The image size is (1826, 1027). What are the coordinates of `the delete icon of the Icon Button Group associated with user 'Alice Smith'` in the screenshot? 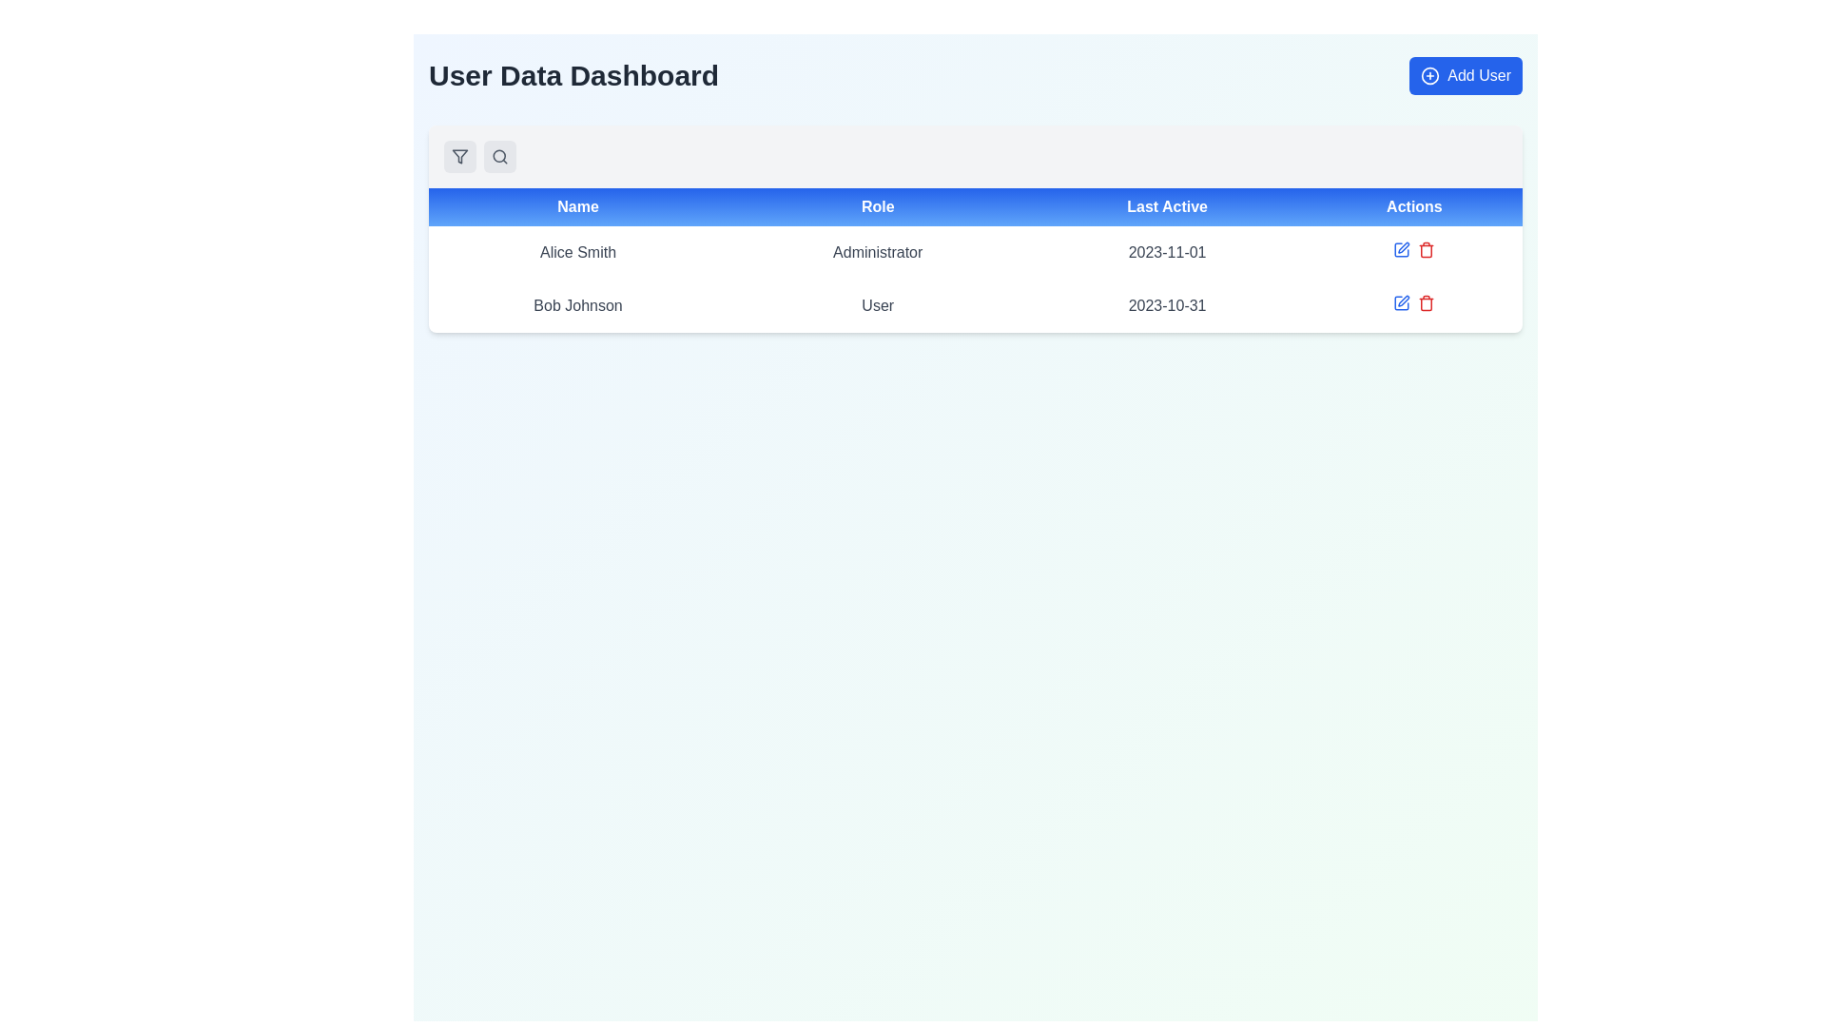 It's located at (1414, 248).